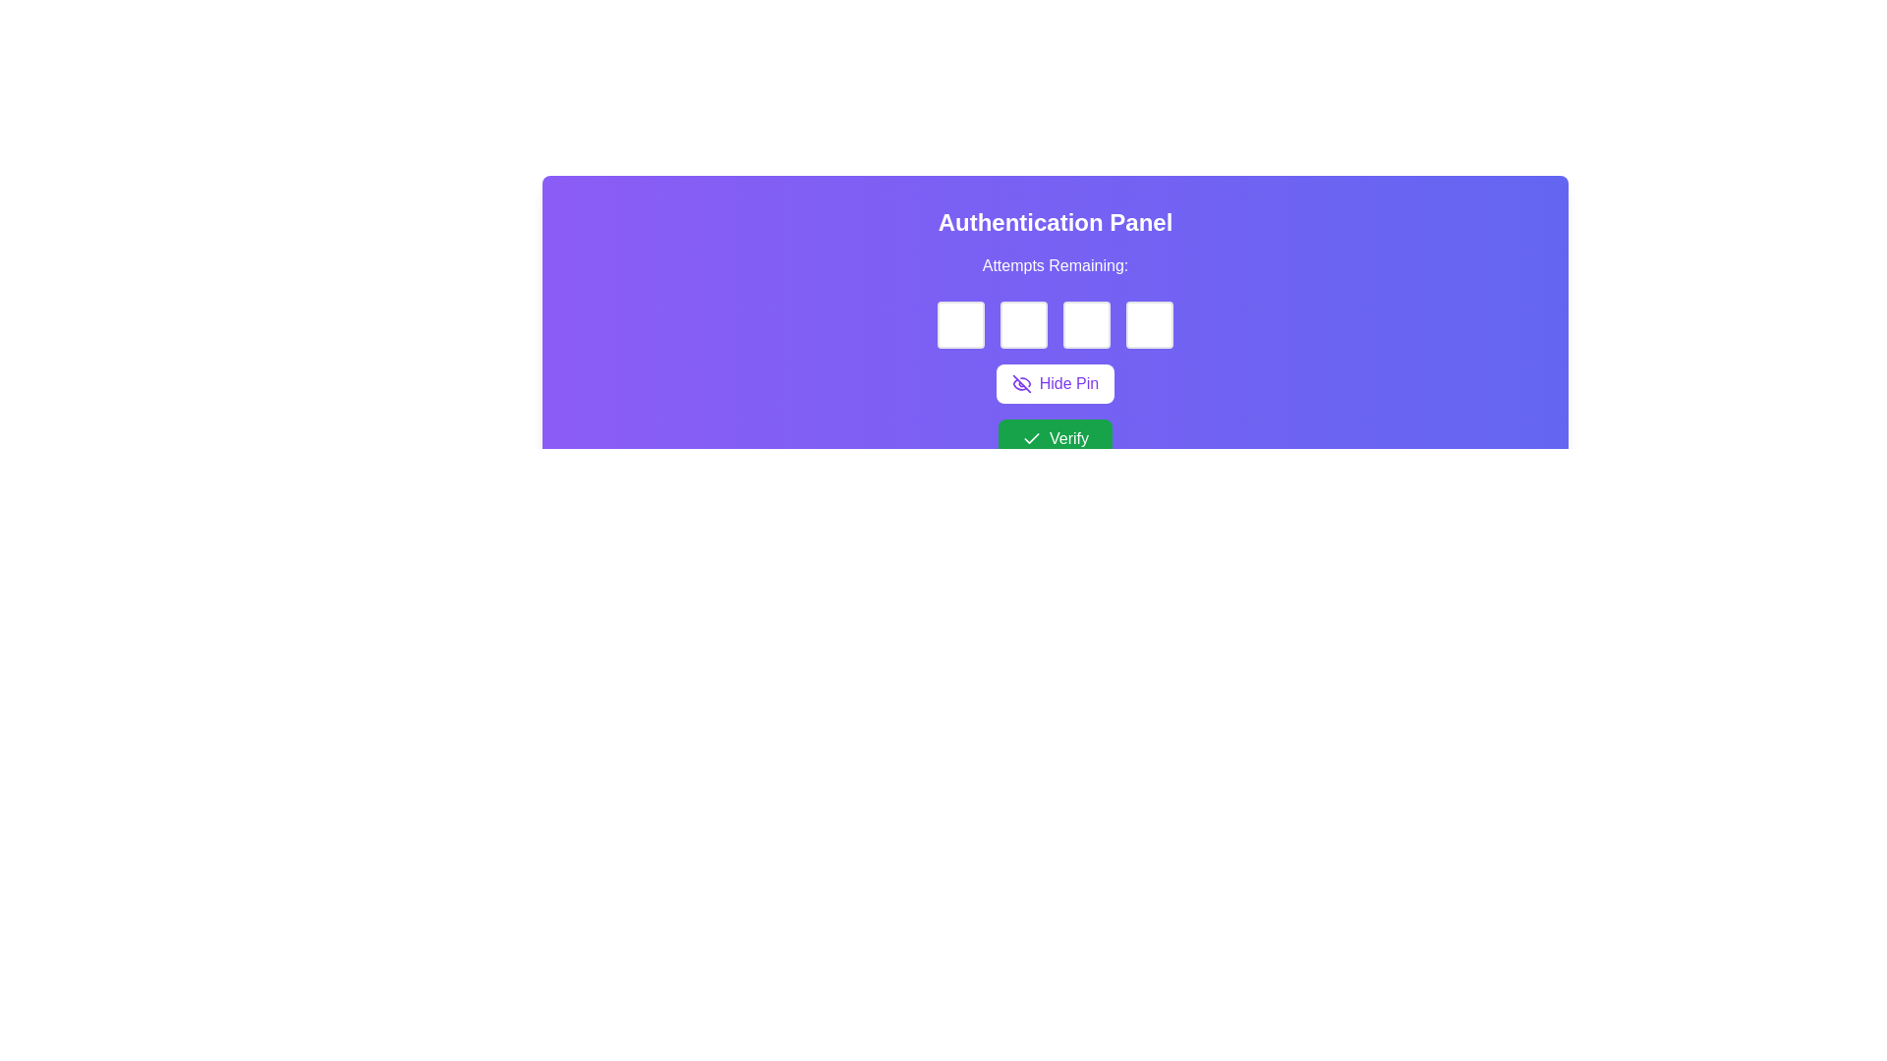 Image resolution: width=1887 pixels, height=1061 pixels. I want to click on the verification button located in the 'Authentication Panel' section, positioned below the input fields and the 'Hide Pin' button, to observe the hover effect, so click(1055, 438).